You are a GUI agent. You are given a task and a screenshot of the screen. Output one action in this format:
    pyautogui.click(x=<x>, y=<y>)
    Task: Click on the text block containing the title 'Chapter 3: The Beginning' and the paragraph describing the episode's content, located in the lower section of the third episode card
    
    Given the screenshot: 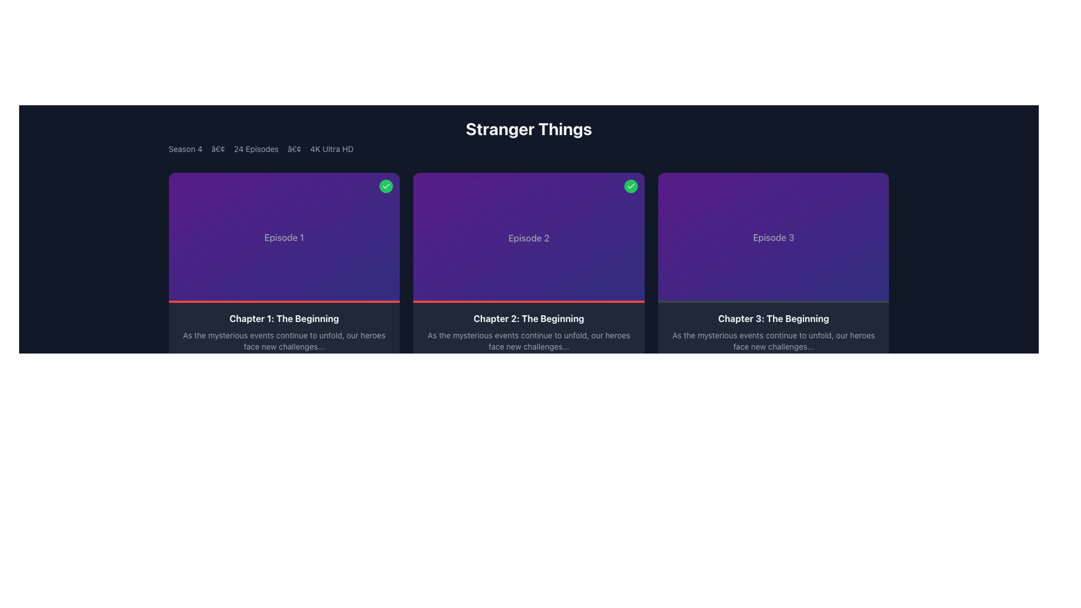 What is the action you would take?
    pyautogui.click(x=773, y=345)
    